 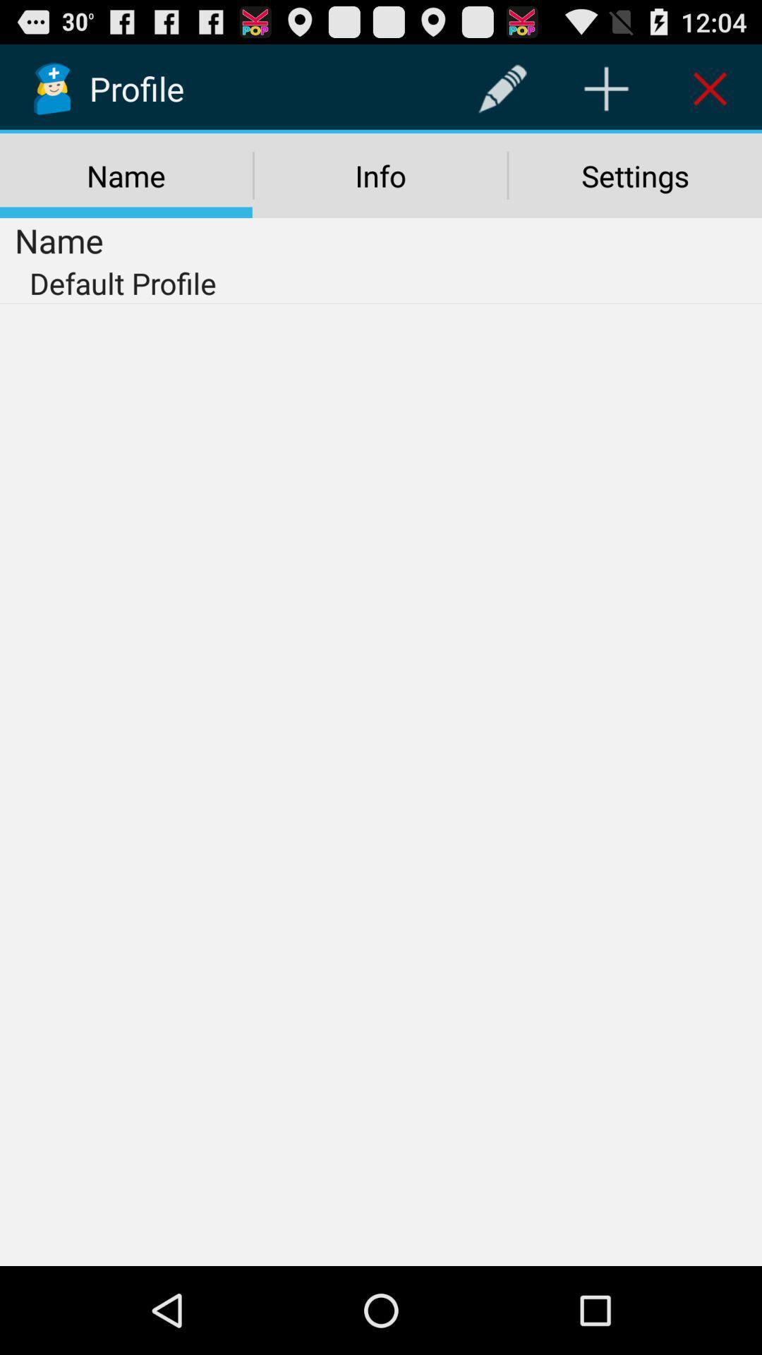 What do you see at coordinates (380, 175) in the screenshot?
I see `the item next to settings icon` at bounding box center [380, 175].